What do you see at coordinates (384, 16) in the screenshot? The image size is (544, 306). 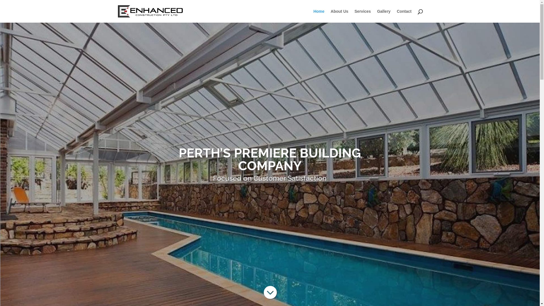 I see `'Gallery'` at bounding box center [384, 16].